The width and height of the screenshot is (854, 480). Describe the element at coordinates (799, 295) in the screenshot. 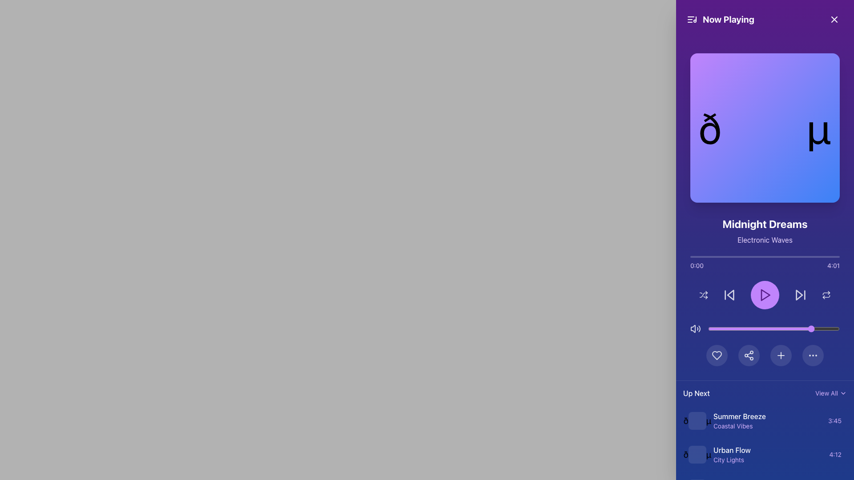

I see `the triangular 'skip forward' icon located in the middle-right of the application interface to skip forward` at that location.